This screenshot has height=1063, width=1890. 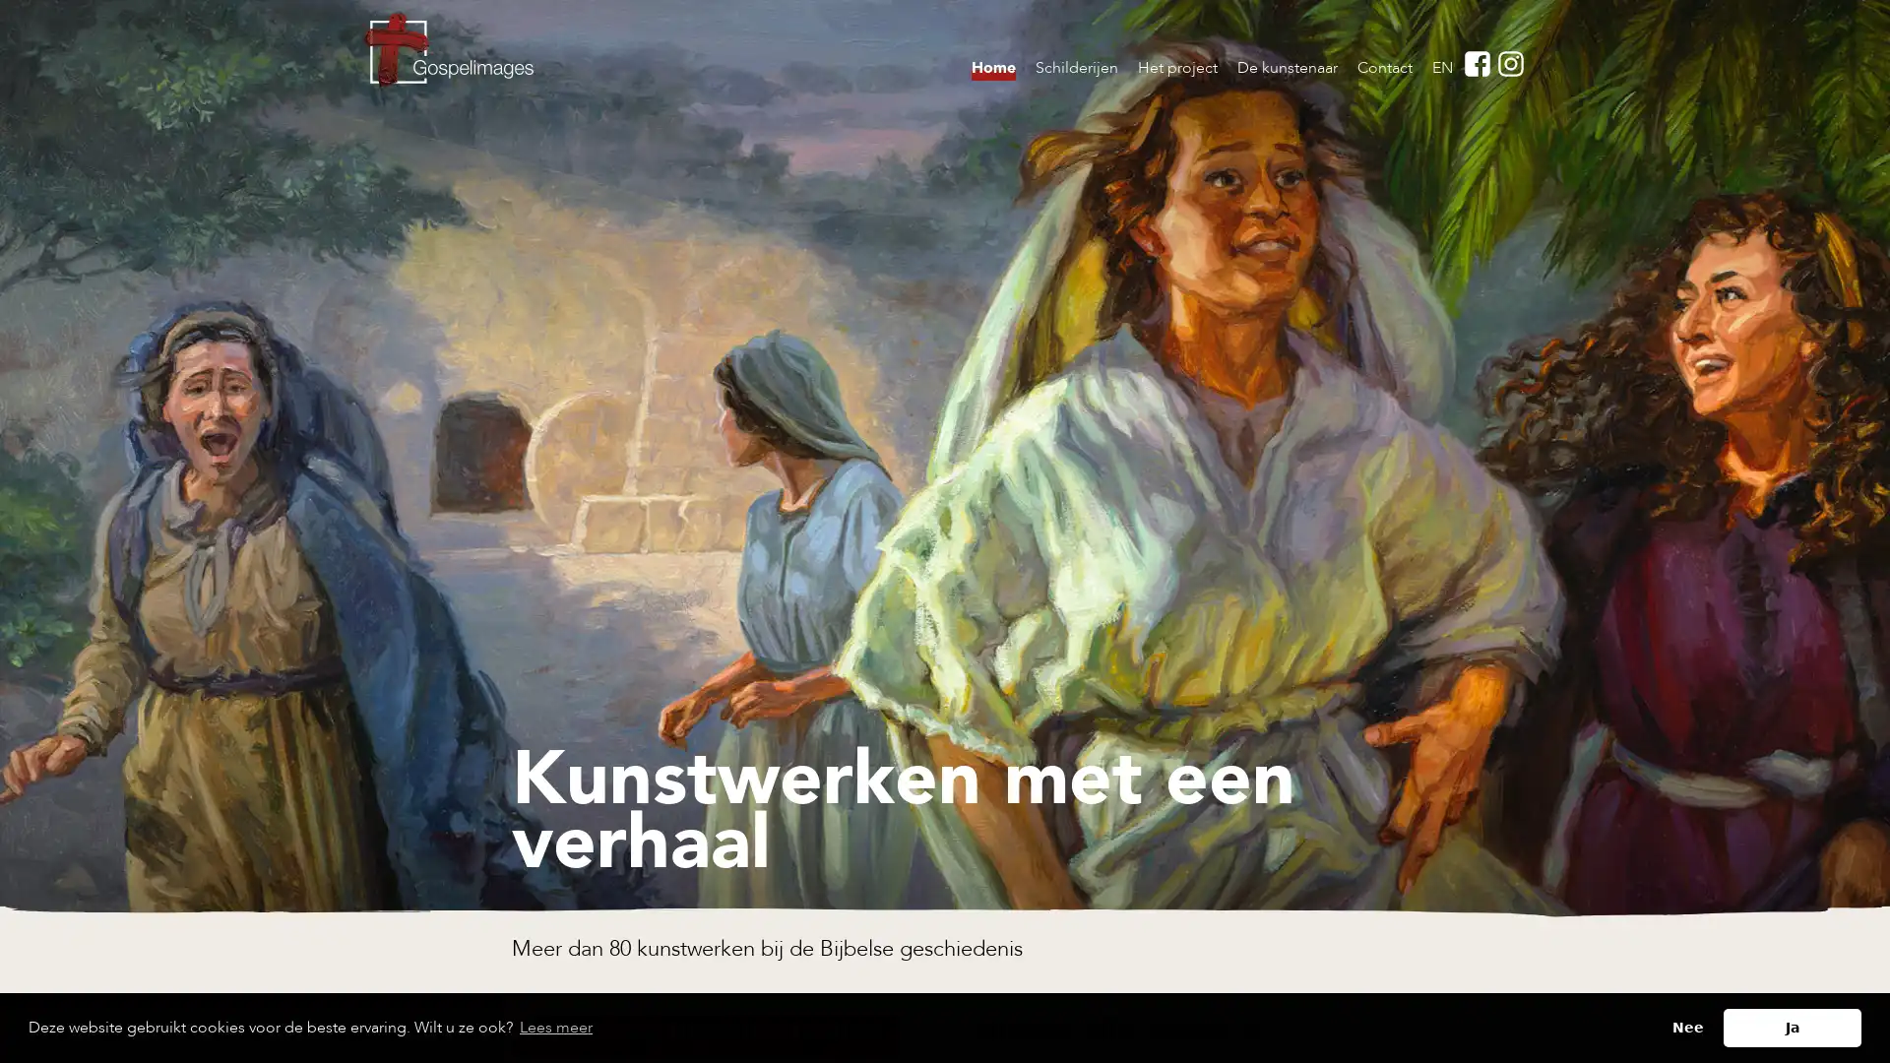 I want to click on learn more about cookies, so click(x=554, y=1027).